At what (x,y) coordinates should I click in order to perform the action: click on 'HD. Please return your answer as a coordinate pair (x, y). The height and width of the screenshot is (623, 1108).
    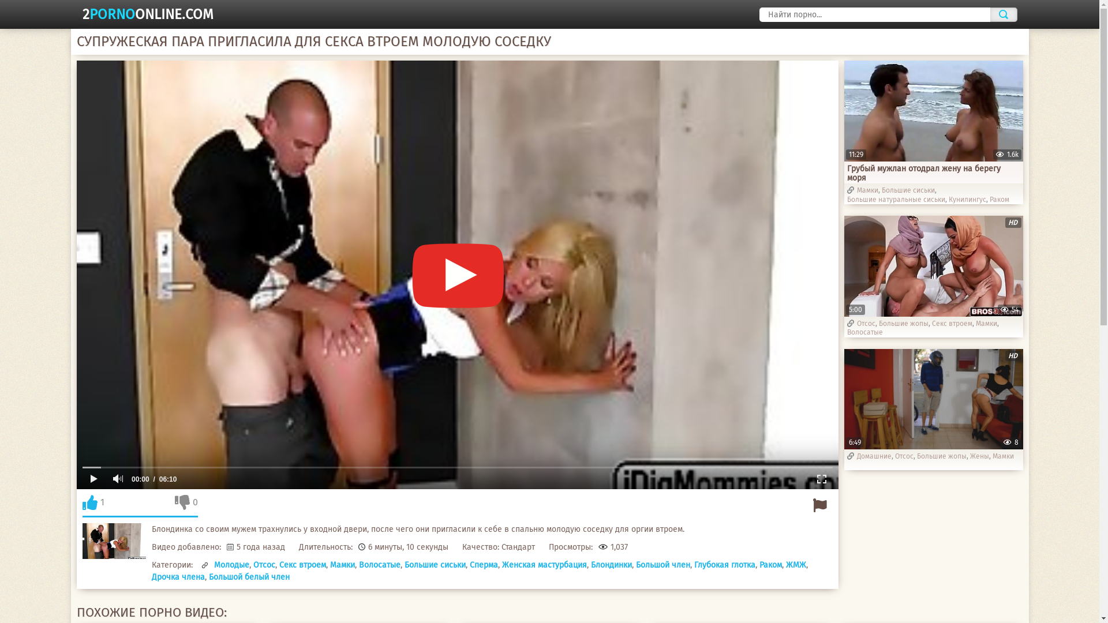
    Looking at the image, I should click on (933, 266).